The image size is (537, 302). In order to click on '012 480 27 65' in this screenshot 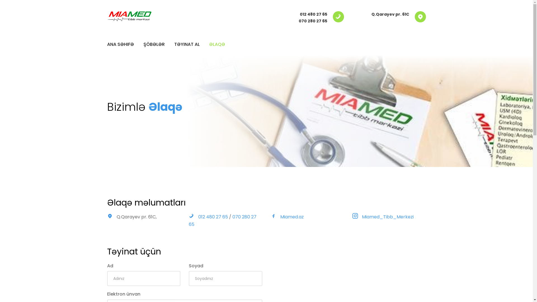, I will do `click(314, 14)`.